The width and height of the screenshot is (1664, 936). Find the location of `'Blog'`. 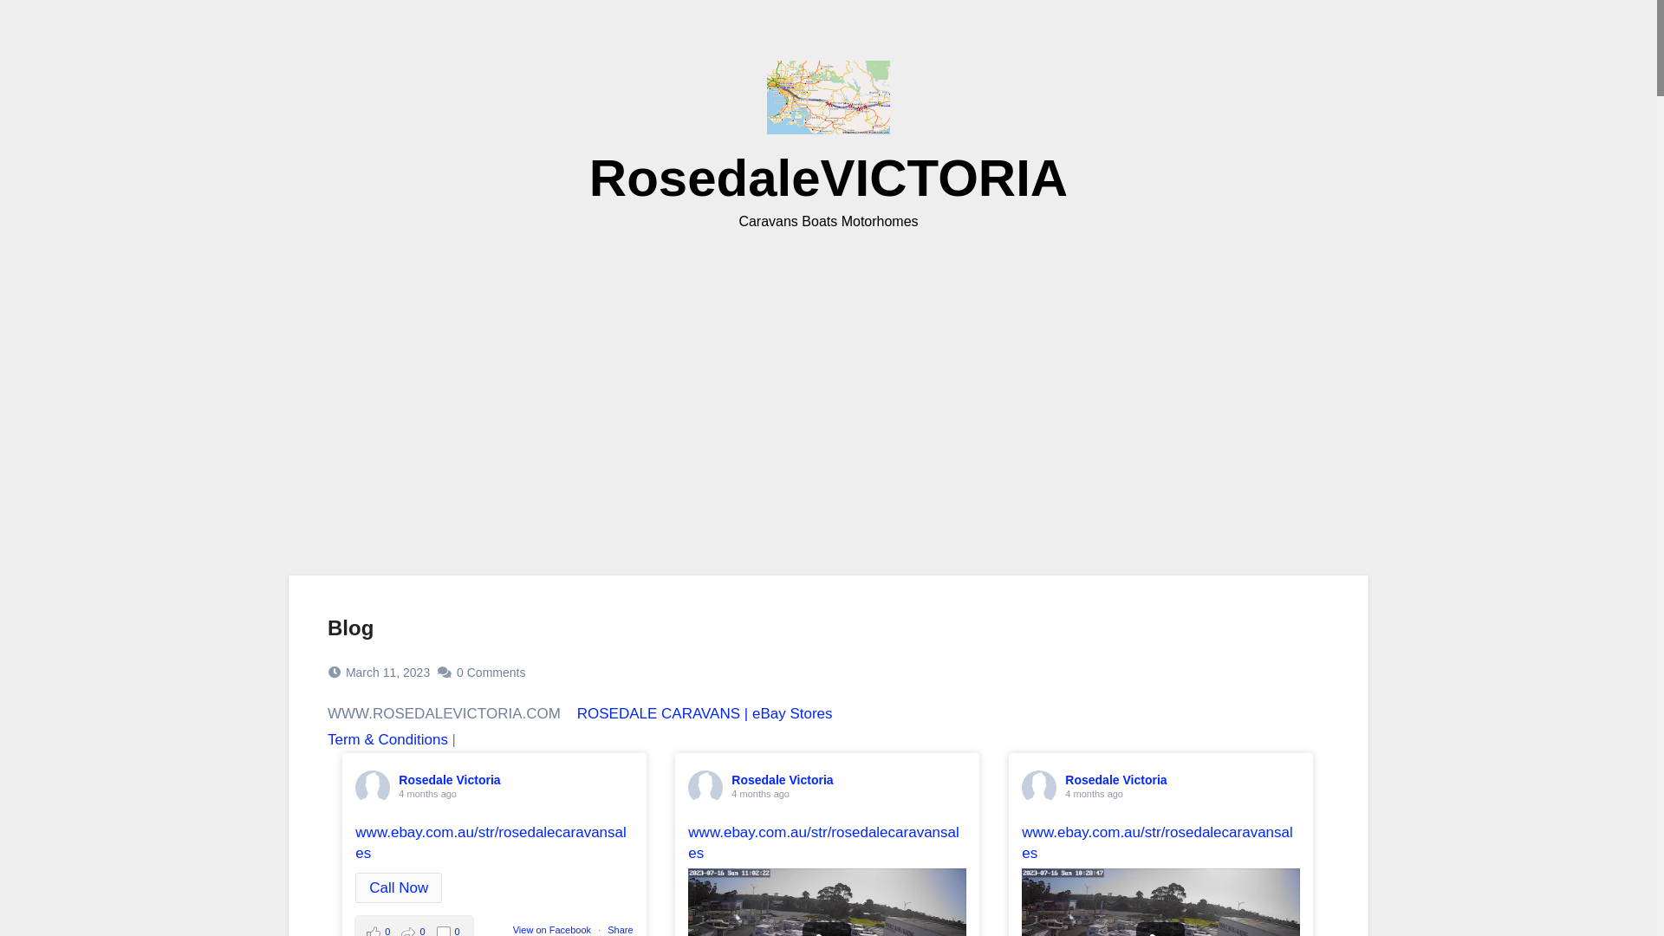

'Blog' is located at coordinates (349, 627).